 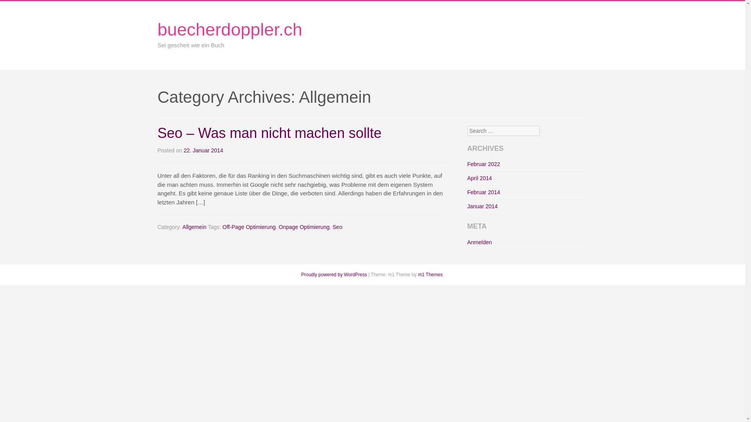 What do you see at coordinates (249, 227) in the screenshot?
I see `'Off-Page Optimierung'` at bounding box center [249, 227].